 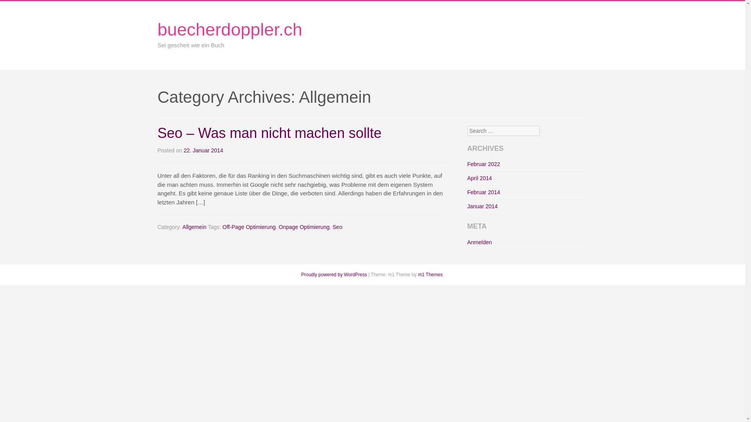 What do you see at coordinates (249, 227) in the screenshot?
I see `'Off-Page Optimierung'` at bounding box center [249, 227].